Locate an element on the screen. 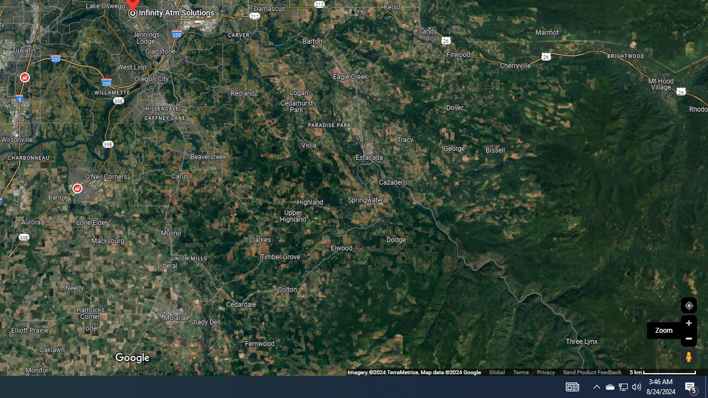 The image size is (708, 398). 'Zoom' is located at coordinates (664, 329).